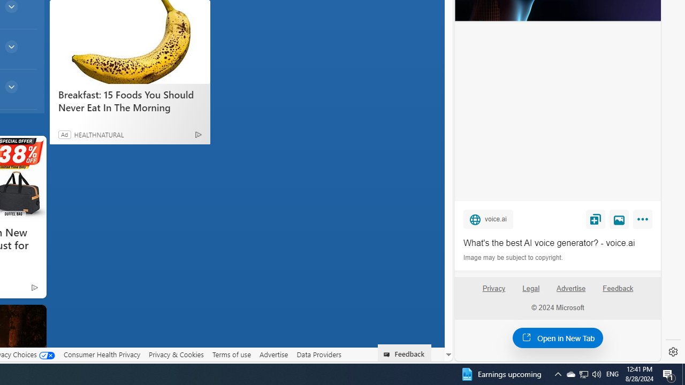  What do you see at coordinates (176, 354) in the screenshot?
I see `'Privacy & Cookies'` at bounding box center [176, 354].